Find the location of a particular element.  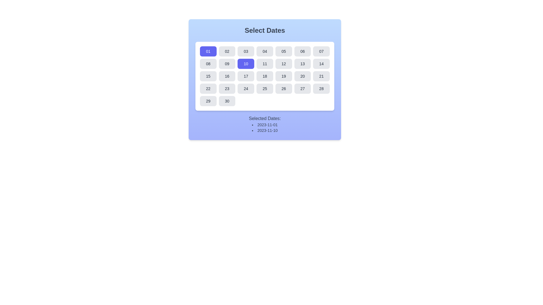

the button representing the date '12' in the second row and fifth column of the calendar grid is located at coordinates (284, 64).